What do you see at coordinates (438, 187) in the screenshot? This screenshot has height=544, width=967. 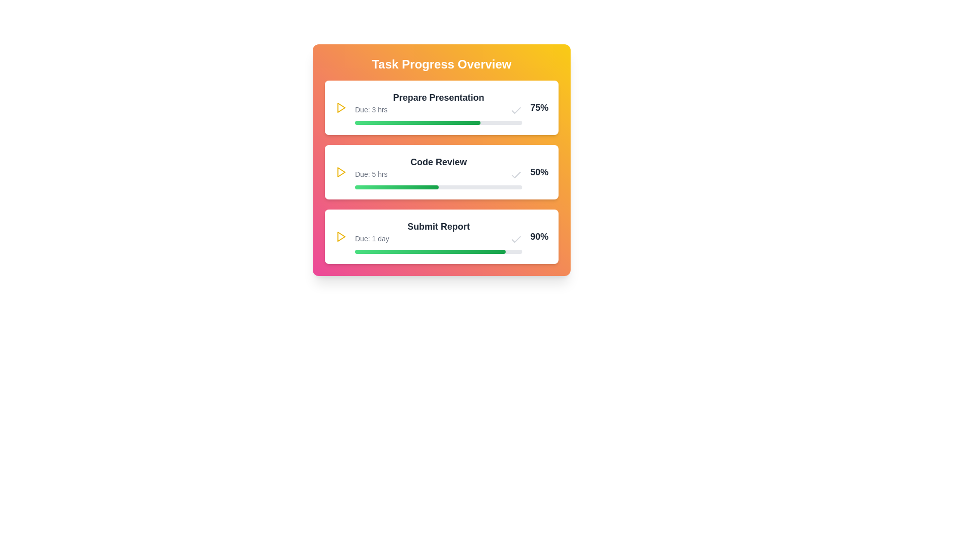 I see `the progress bar indicating 50% completion for the 'Code Review' task, located beneath 'Due: 5 hrs' in the second section of the progress items` at bounding box center [438, 187].